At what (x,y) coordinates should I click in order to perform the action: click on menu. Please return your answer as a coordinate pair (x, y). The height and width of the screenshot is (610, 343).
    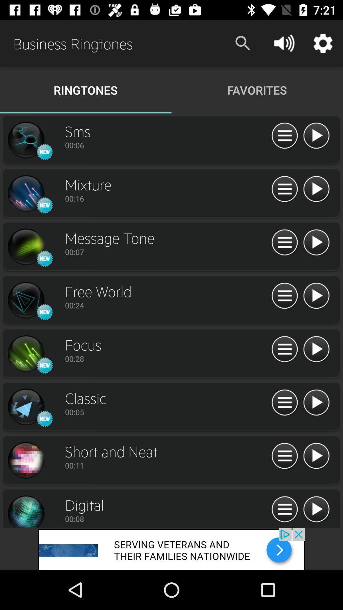
    Looking at the image, I should click on (284, 136).